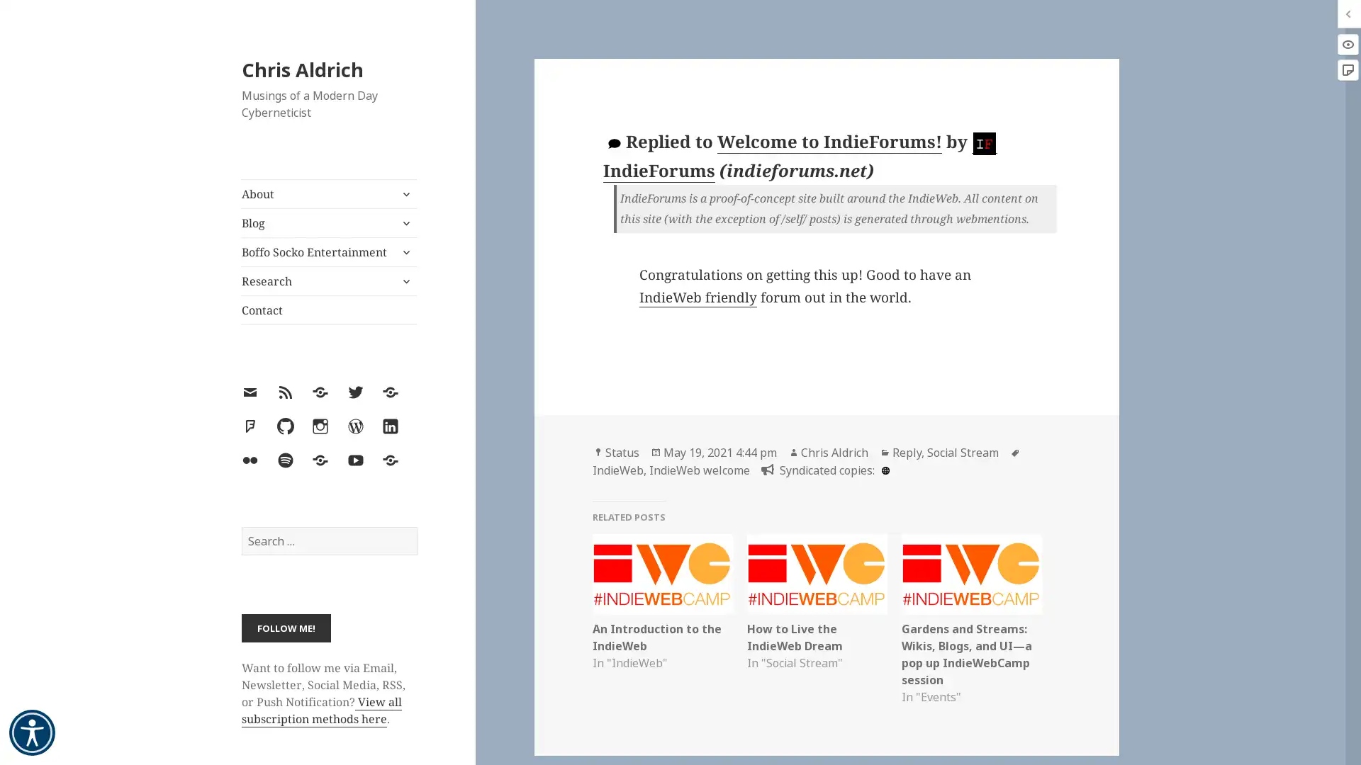 Image resolution: width=1361 pixels, height=765 pixels. I want to click on expand child menu, so click(404, 281).